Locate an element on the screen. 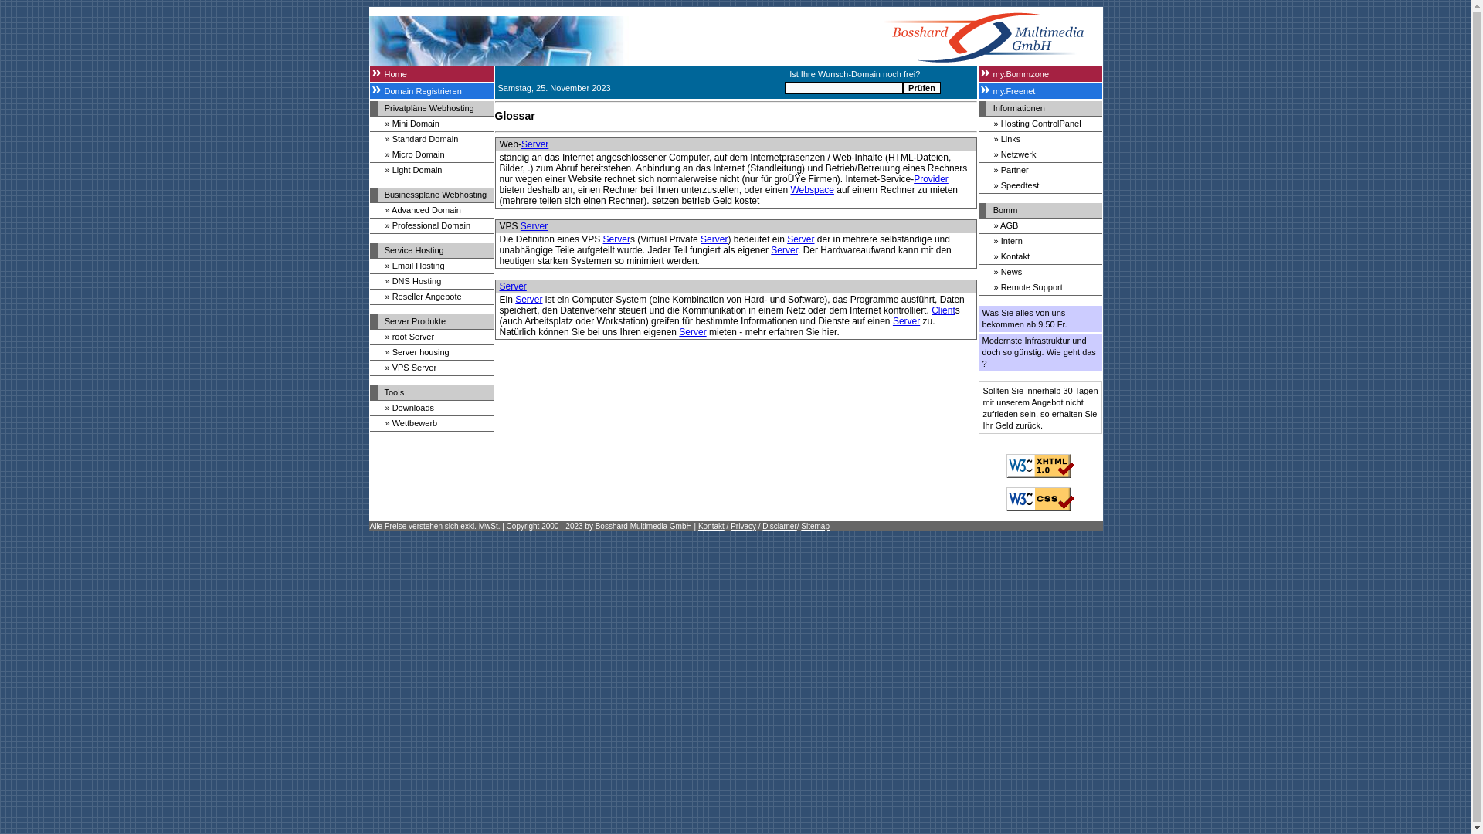 The image size is (1483, 834). 'Sitemap' is located at coordinates (800, 525).